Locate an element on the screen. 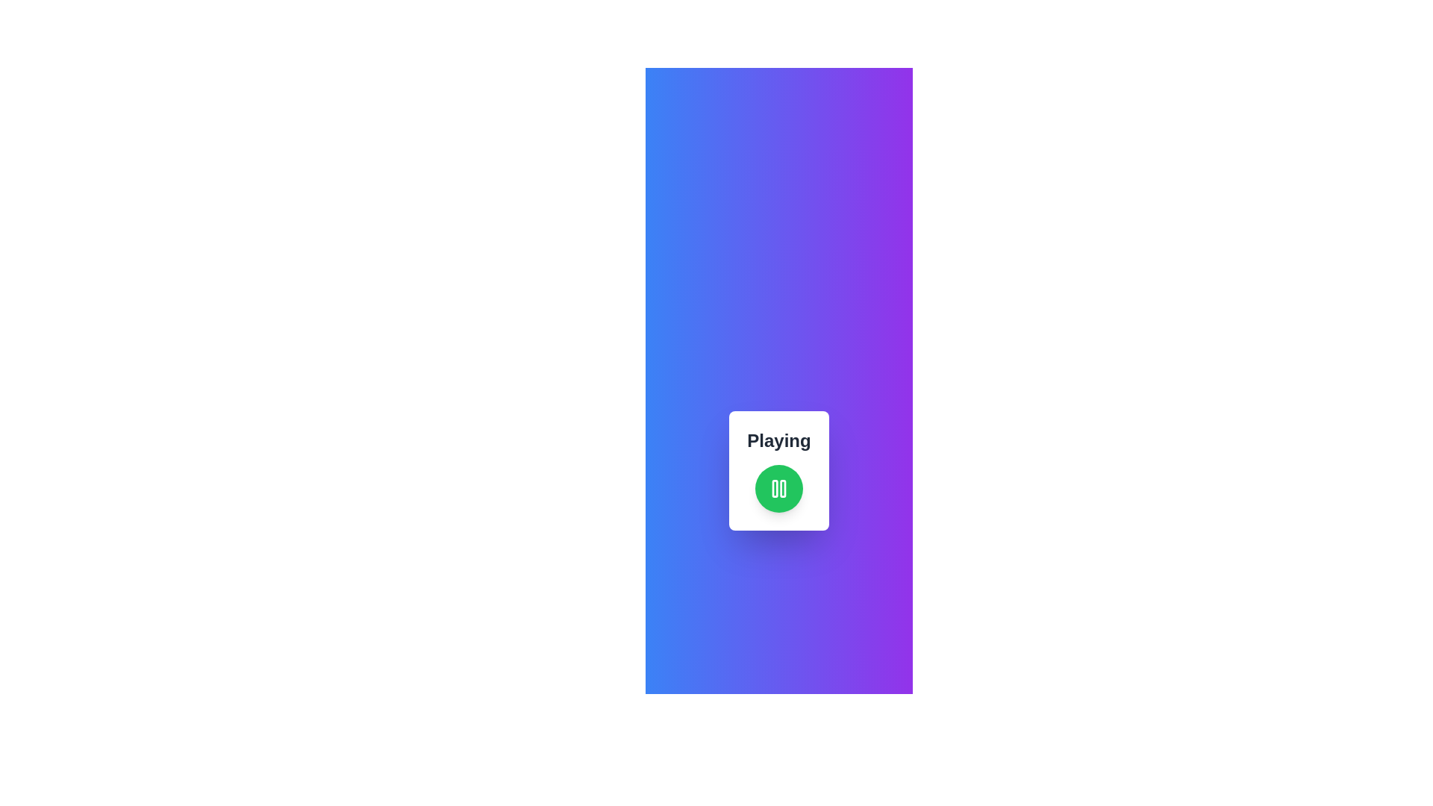 Image resolution: width=1433 pixels, height=806 pixels. text 'Playing' from the white card with rounded corners and a green circular button containing a pause icon, located centrally in the interface is located at coordinates (778, 471).